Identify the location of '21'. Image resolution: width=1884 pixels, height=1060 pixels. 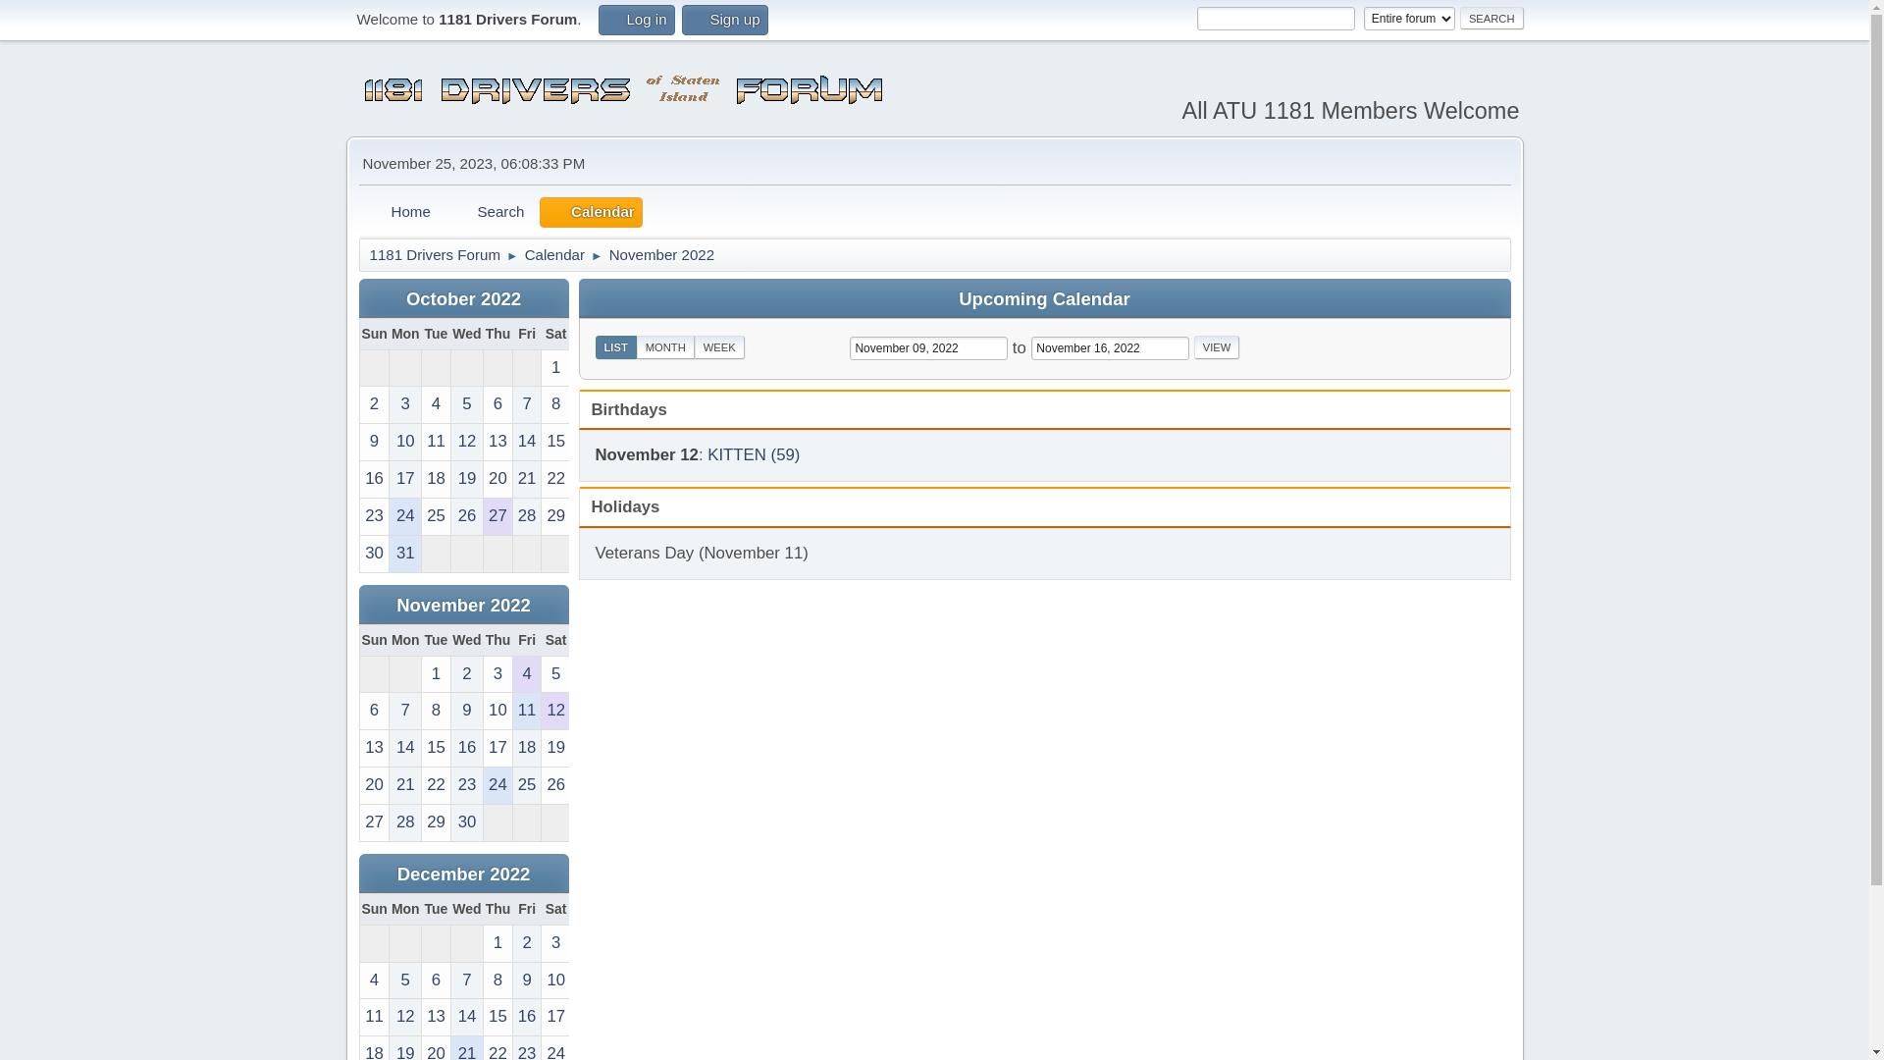
(527, 479).